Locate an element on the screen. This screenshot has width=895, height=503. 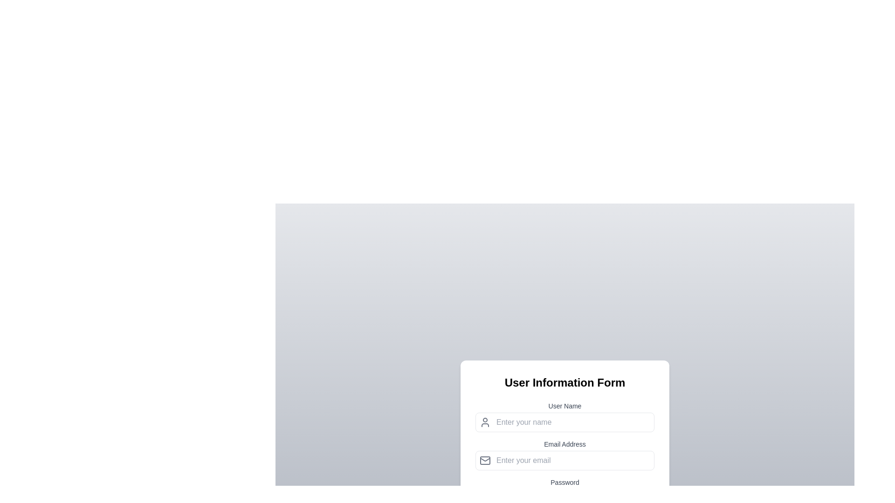
the 'Email Address' label, which is a medium-sized, gray-colored text label clearly displayed within a vertical form layout, positioned between the 'User Name' label and the email input field is located at coordinates (564, 443).